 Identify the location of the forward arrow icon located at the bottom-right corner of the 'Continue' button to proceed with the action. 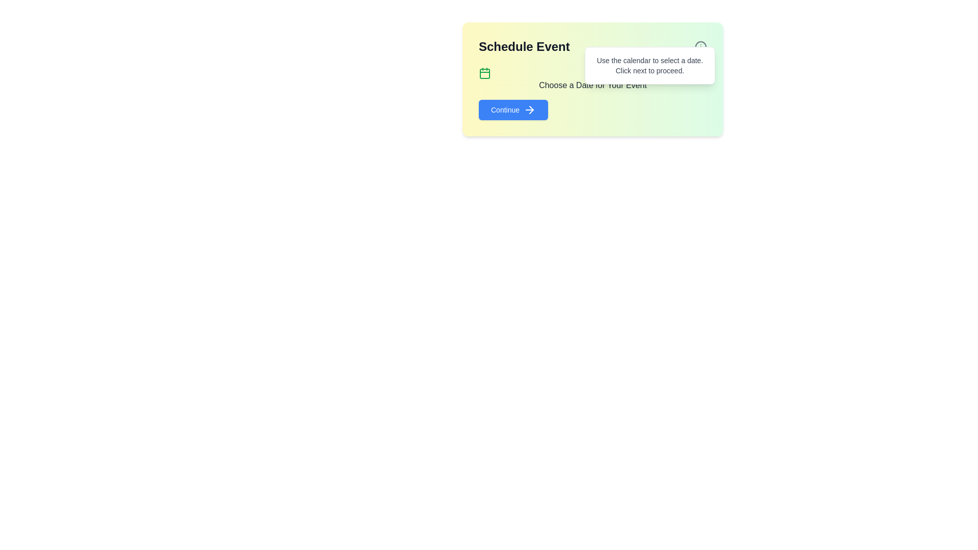
(531, 110).